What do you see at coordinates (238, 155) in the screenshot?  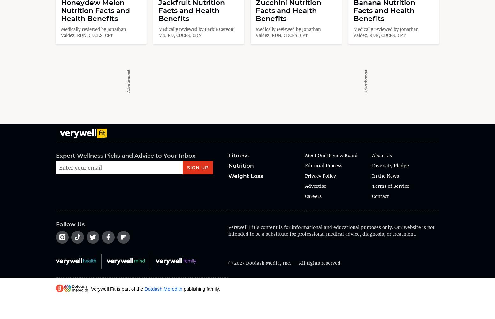 I see `'Fitness'` at bounding box center [238, 155].